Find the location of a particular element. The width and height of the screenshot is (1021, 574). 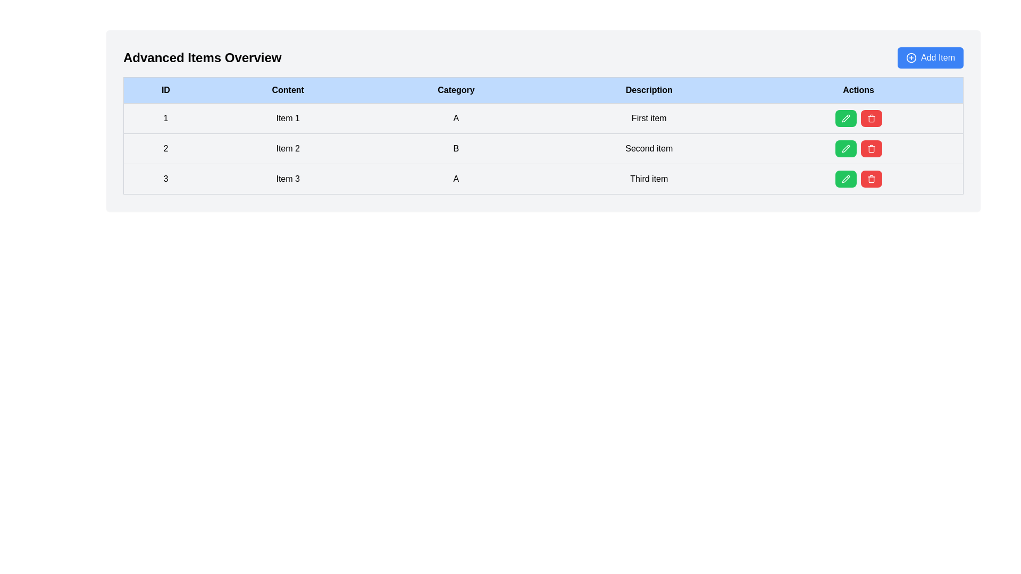

the green button with a white pencil icon in the center located in the 'Actions' column of the second table row to initiate editing is located at coordinates (845, 149).